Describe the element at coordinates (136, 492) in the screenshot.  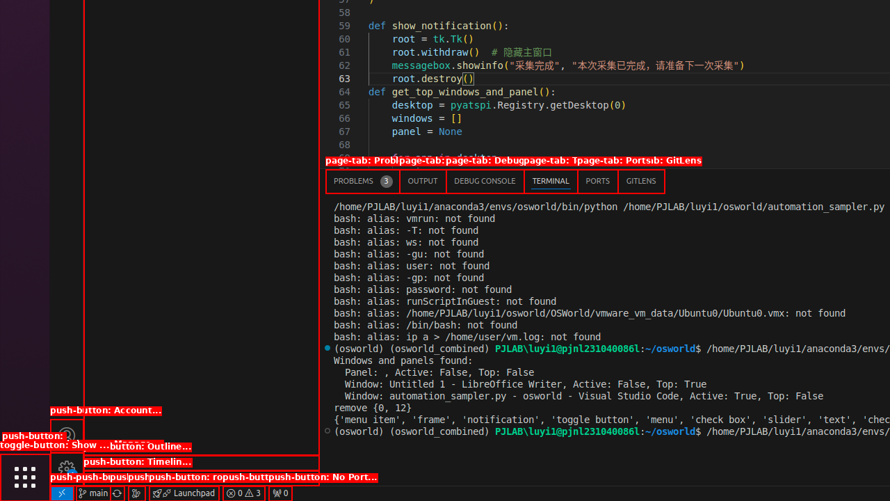
I see `'Show the GitLens Commit Graph'` at that location.